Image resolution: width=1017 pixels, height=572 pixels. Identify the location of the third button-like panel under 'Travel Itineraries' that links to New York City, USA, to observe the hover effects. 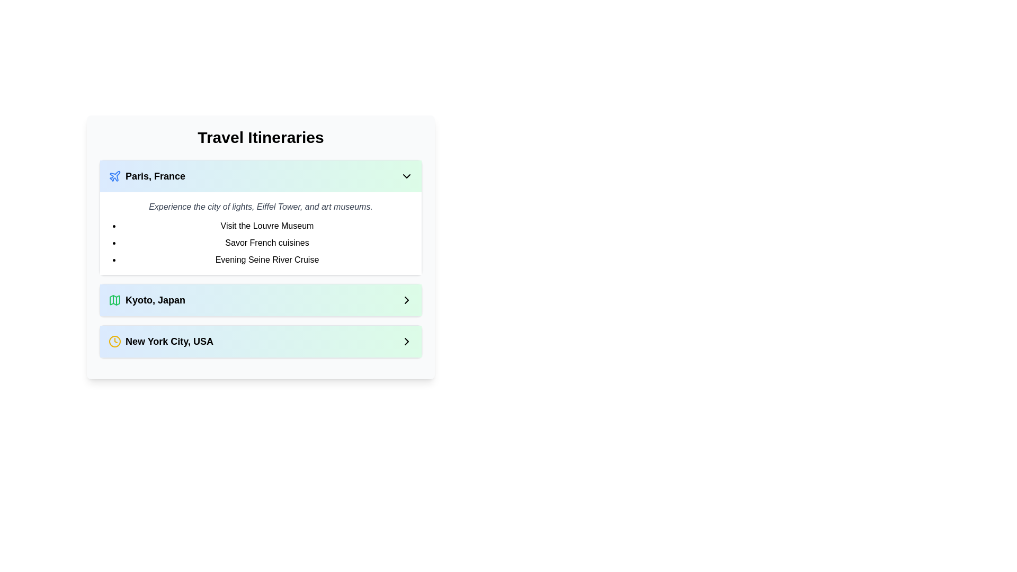
(261, 341).